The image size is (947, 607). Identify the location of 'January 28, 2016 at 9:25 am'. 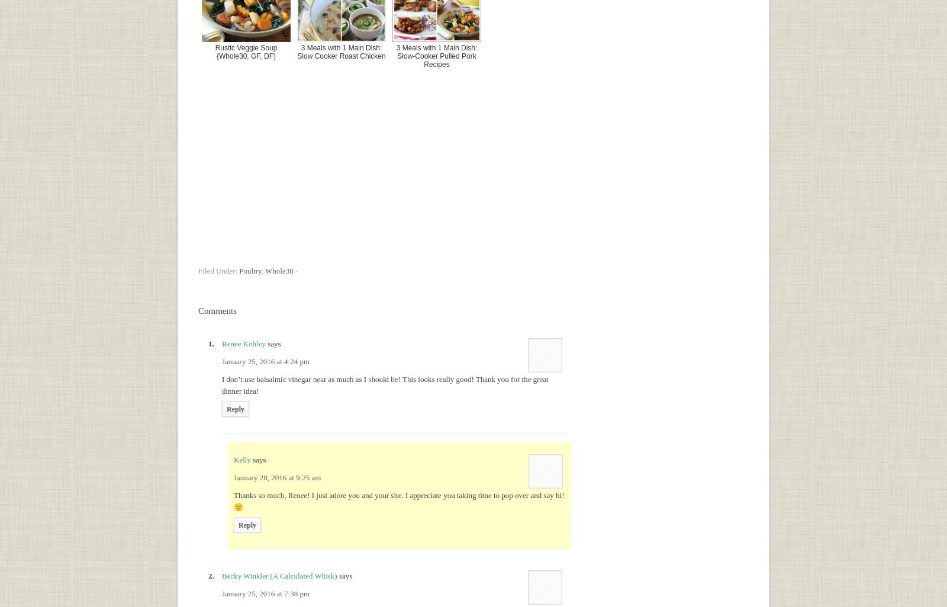
(276, 477).